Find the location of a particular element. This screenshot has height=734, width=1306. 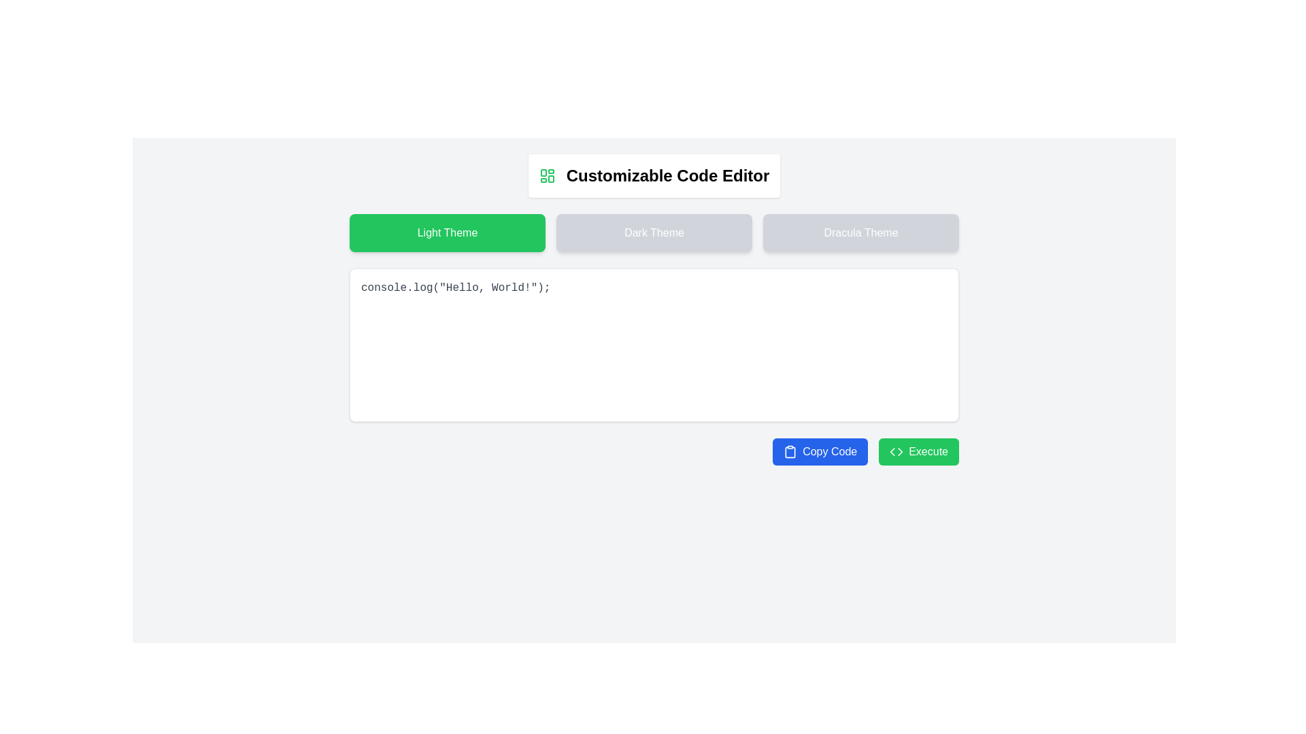

the 'Copy Code' button located at the bottom-right of the code-editing panel to observe its styling change is located at coordinates (820, 451).